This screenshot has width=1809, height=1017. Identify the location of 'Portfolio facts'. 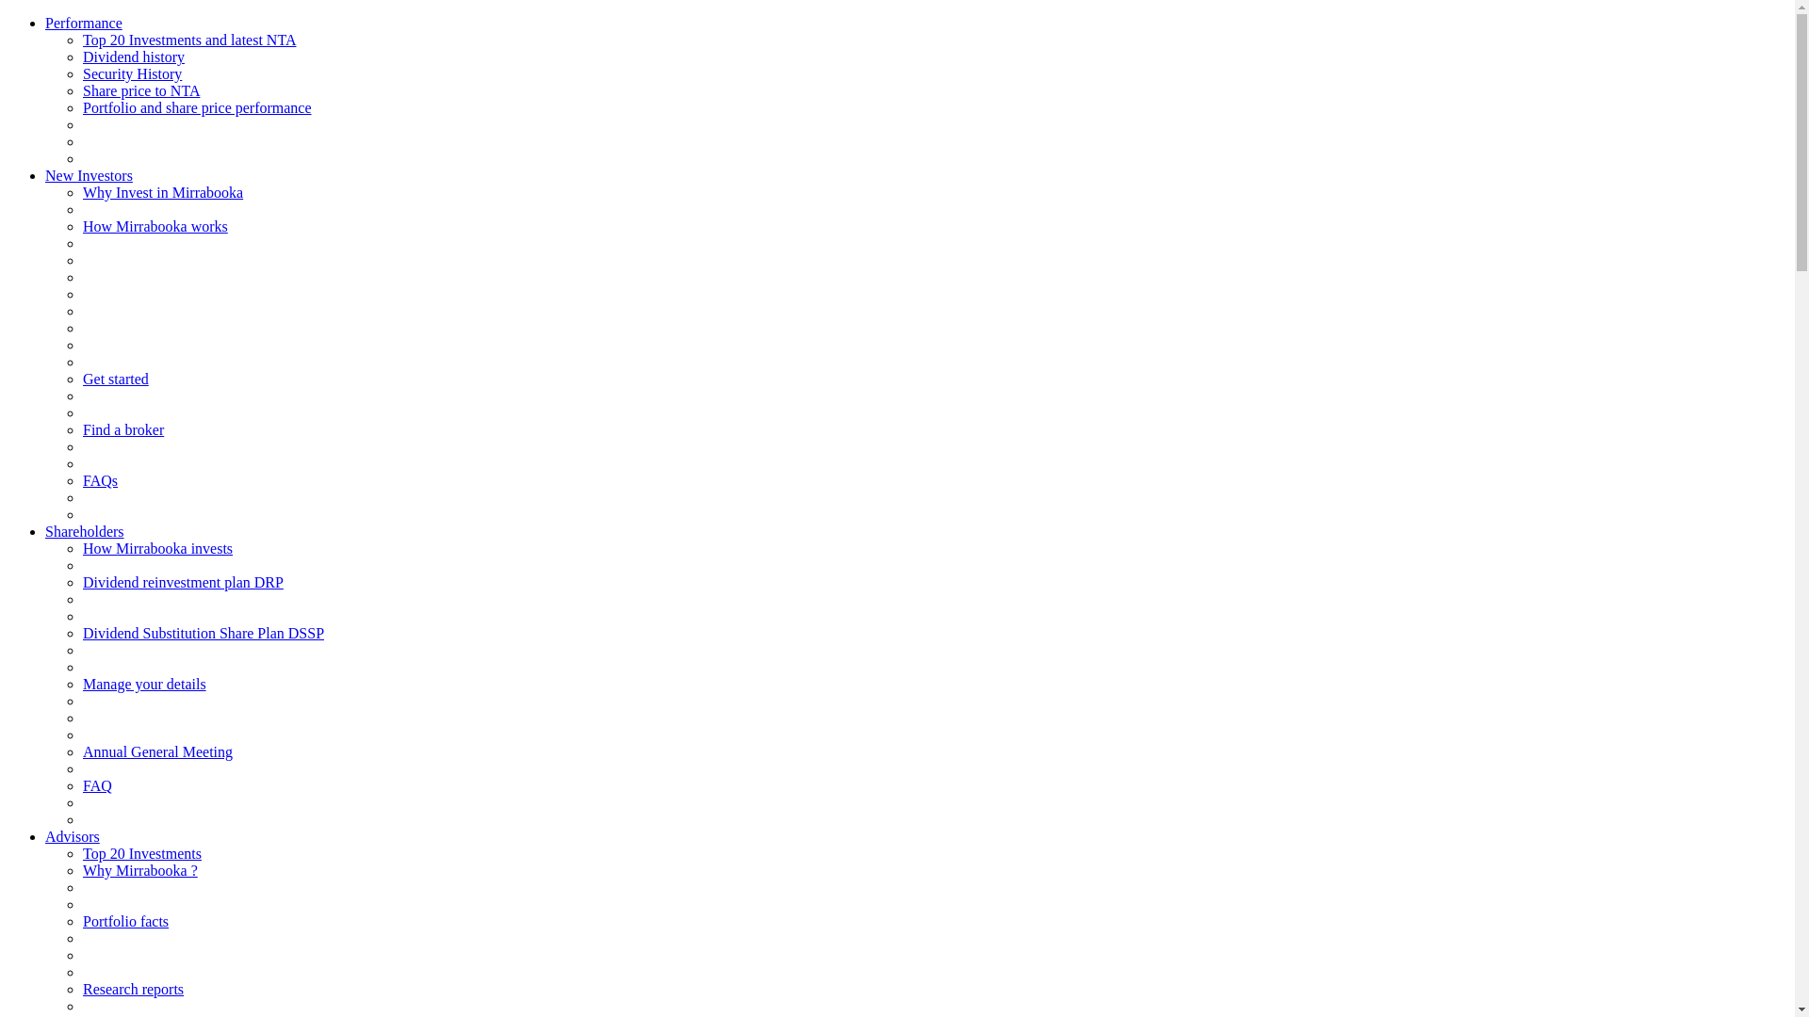
(124, 920).